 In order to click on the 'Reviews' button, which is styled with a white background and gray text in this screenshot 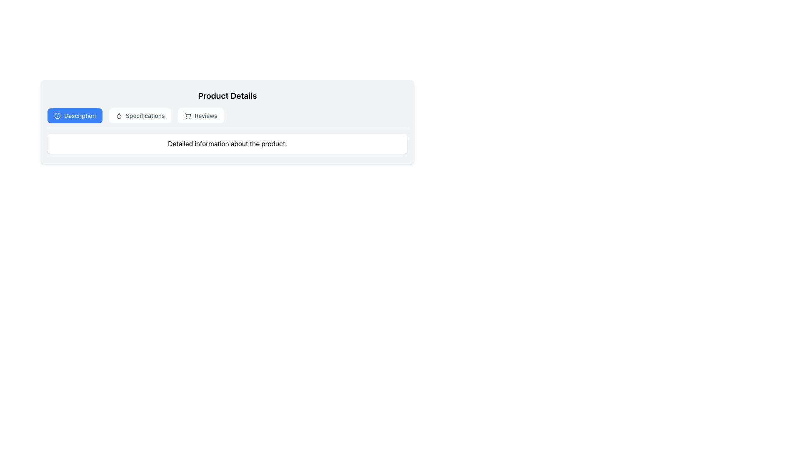, I will do `click(201, 115)`.